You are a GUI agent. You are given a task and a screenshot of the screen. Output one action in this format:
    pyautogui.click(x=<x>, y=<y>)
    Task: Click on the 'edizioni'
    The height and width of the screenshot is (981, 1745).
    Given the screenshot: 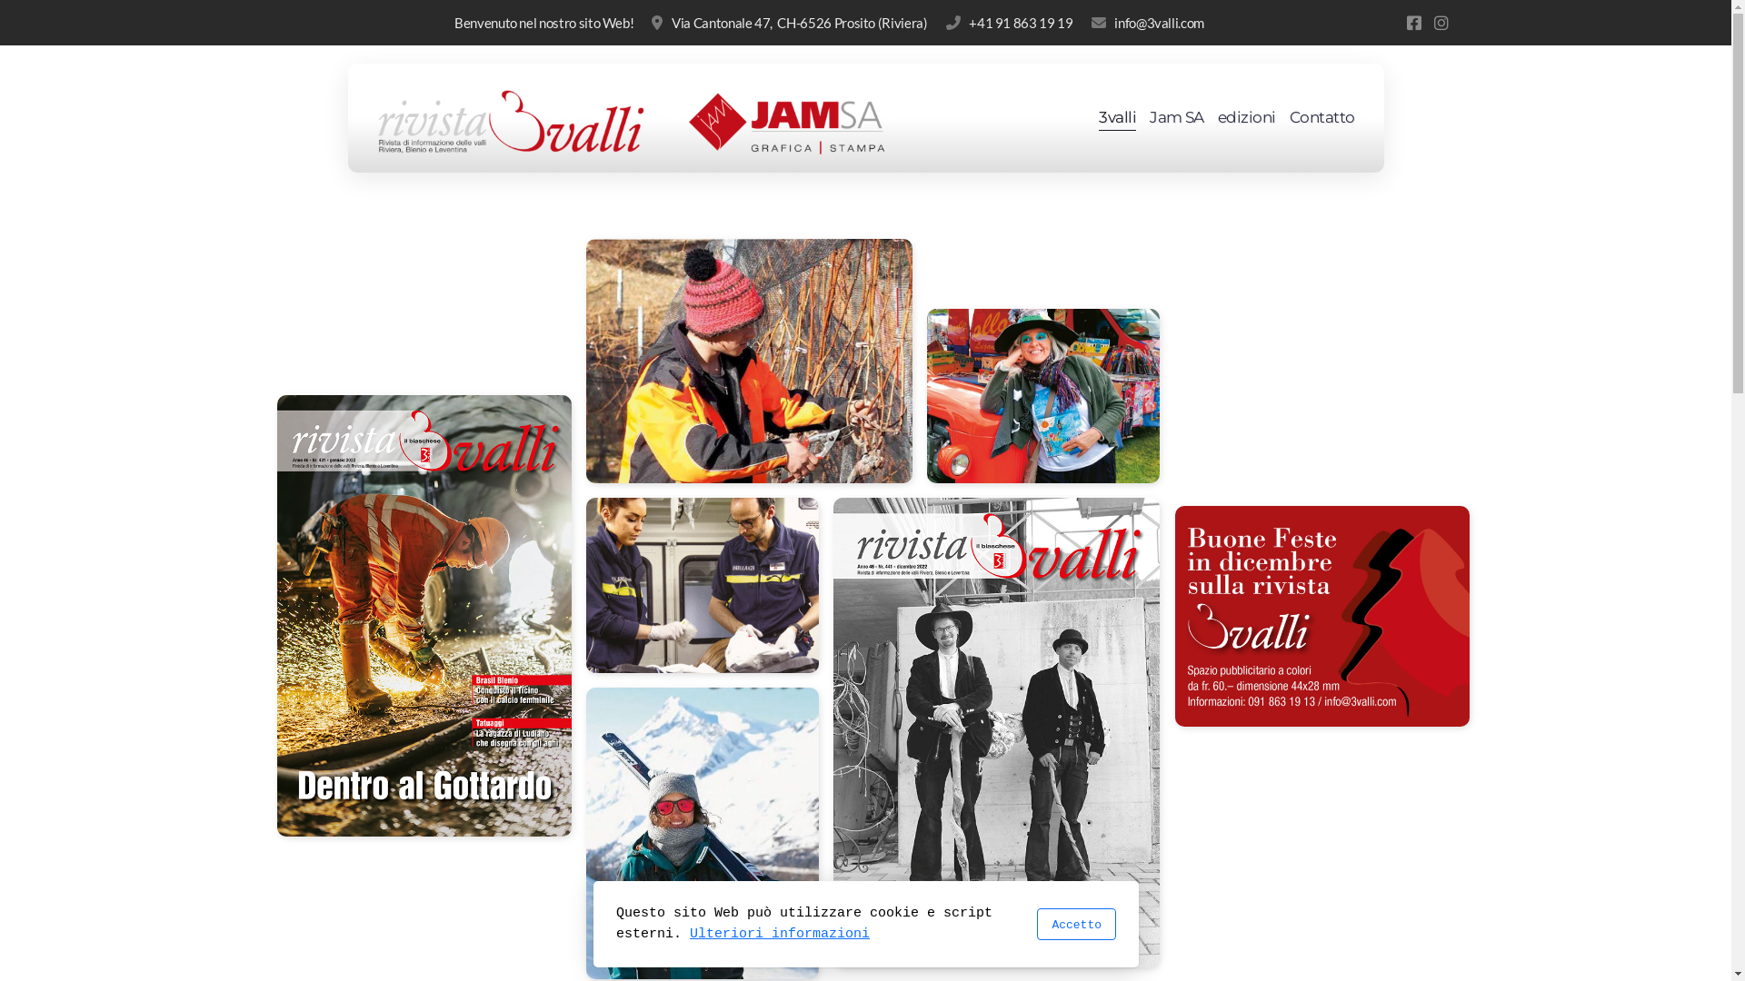 What is the action you would take?
    pyautogui.click(x=1246, y=118)
    